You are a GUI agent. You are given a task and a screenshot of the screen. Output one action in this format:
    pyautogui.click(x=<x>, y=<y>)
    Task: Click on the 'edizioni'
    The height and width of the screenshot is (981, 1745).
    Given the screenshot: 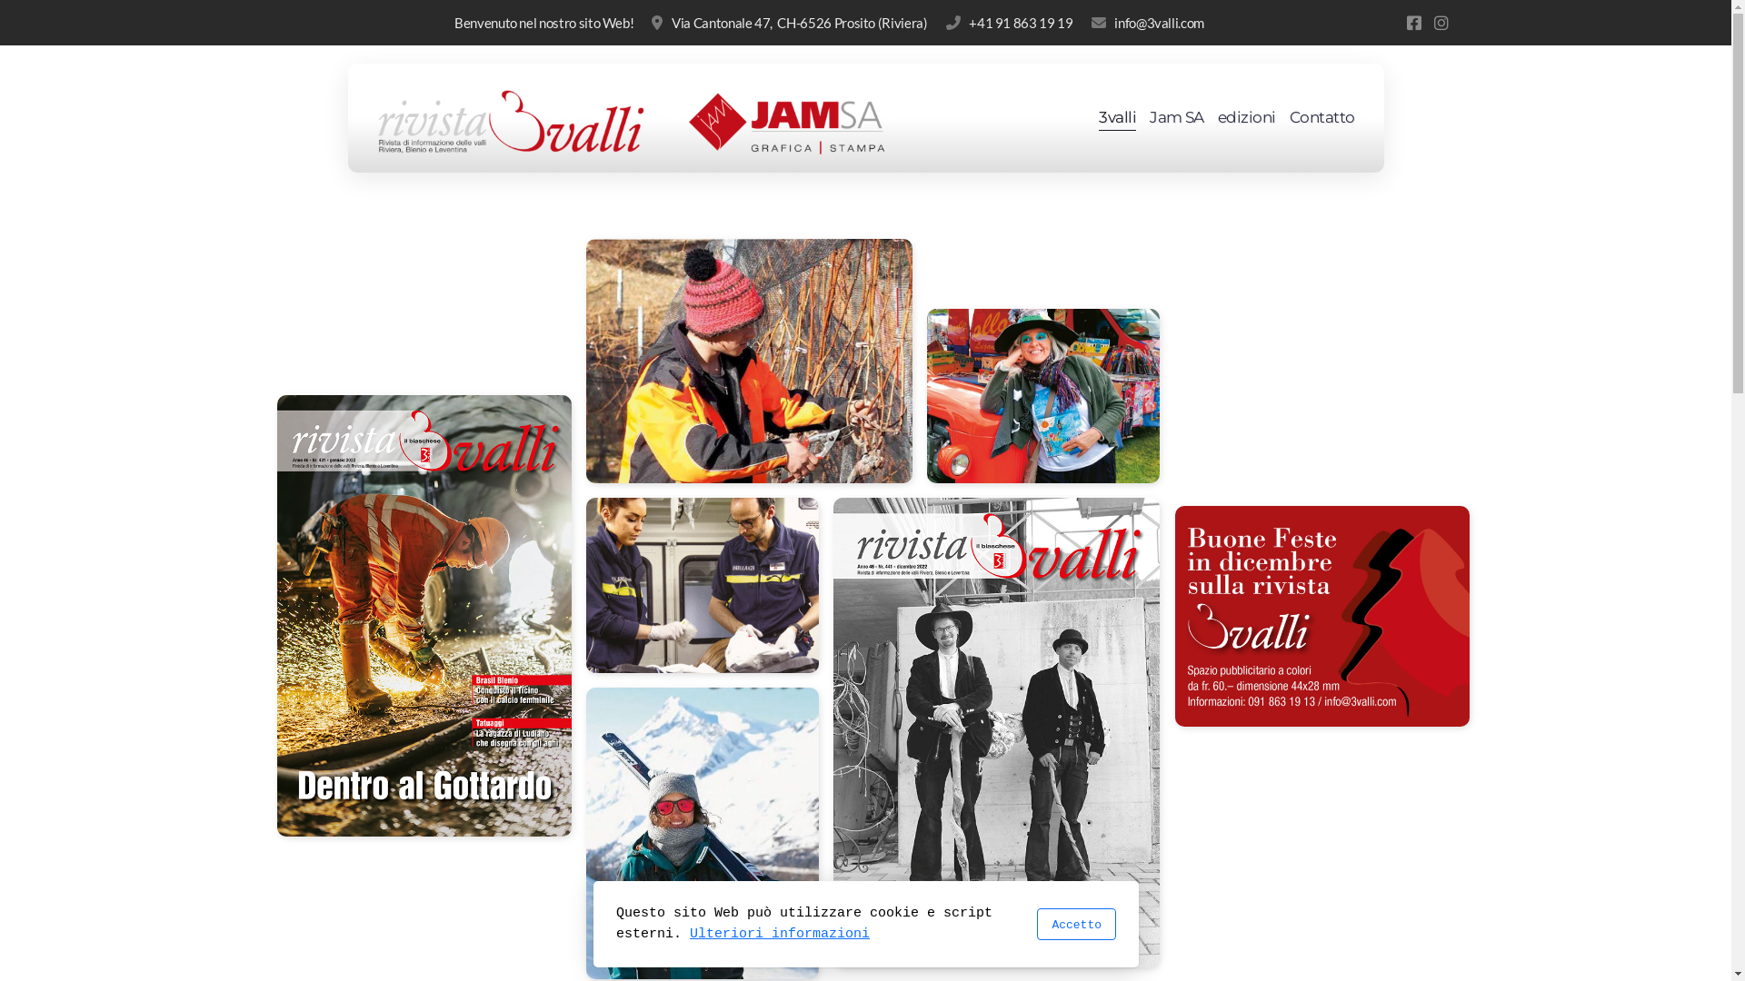 What is the action you would take?
    pyautogui.click(x=1246, y=118)
    